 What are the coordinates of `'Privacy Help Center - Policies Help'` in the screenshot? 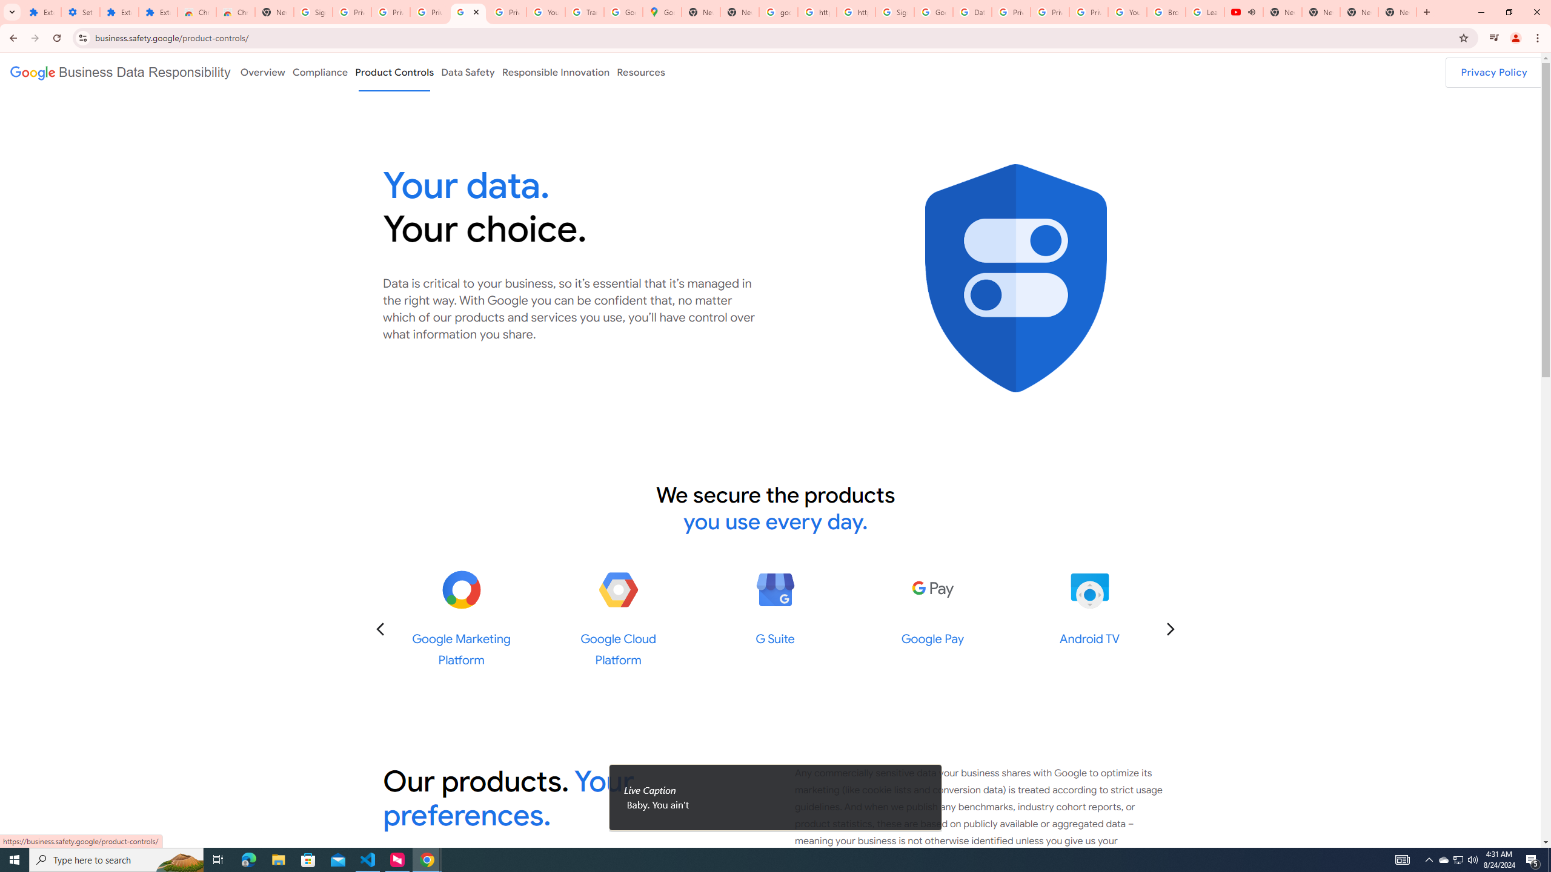 It's located at (1011, 12).